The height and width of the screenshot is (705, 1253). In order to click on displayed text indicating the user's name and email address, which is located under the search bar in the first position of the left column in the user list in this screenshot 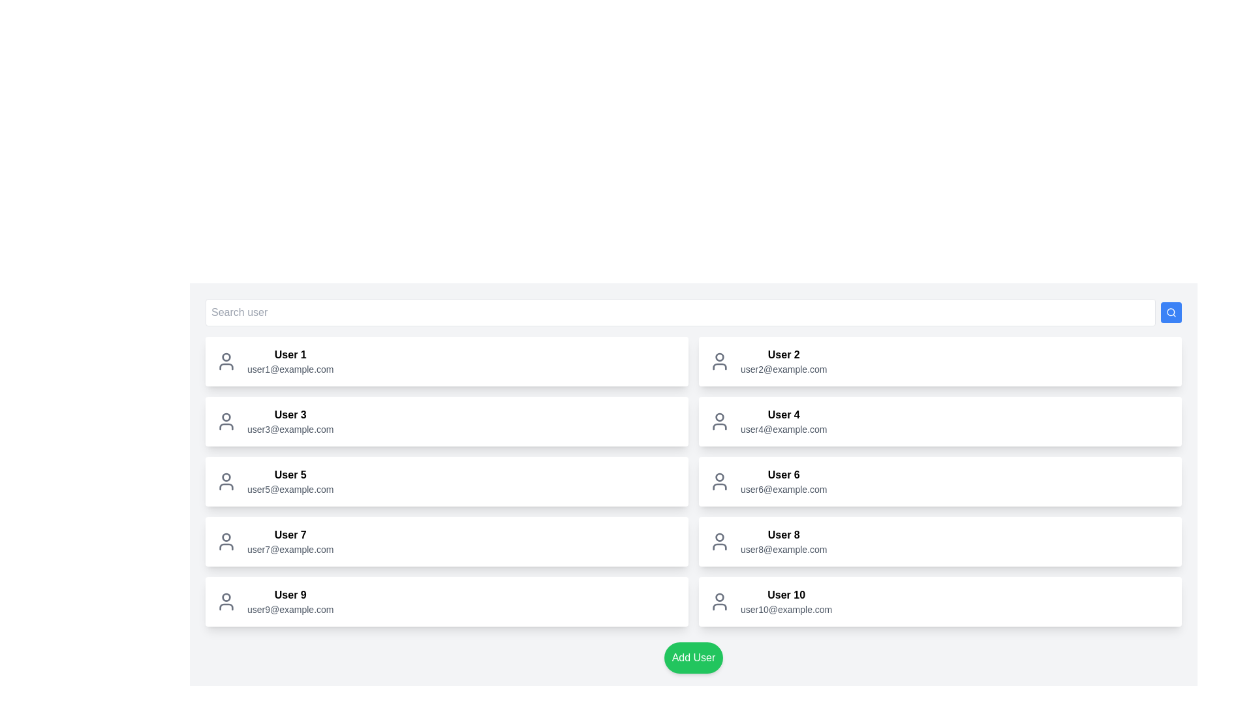, I will do `click(290, 362)`.